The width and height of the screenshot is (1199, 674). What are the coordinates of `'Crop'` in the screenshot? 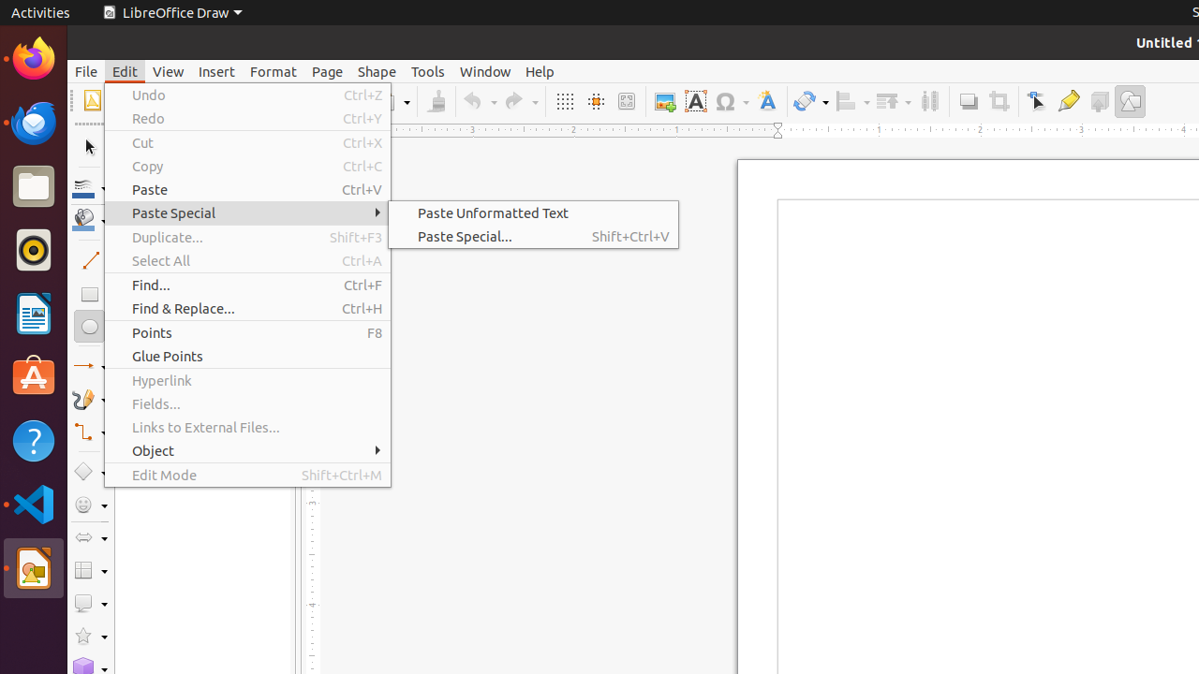 It's located at (998, 101).